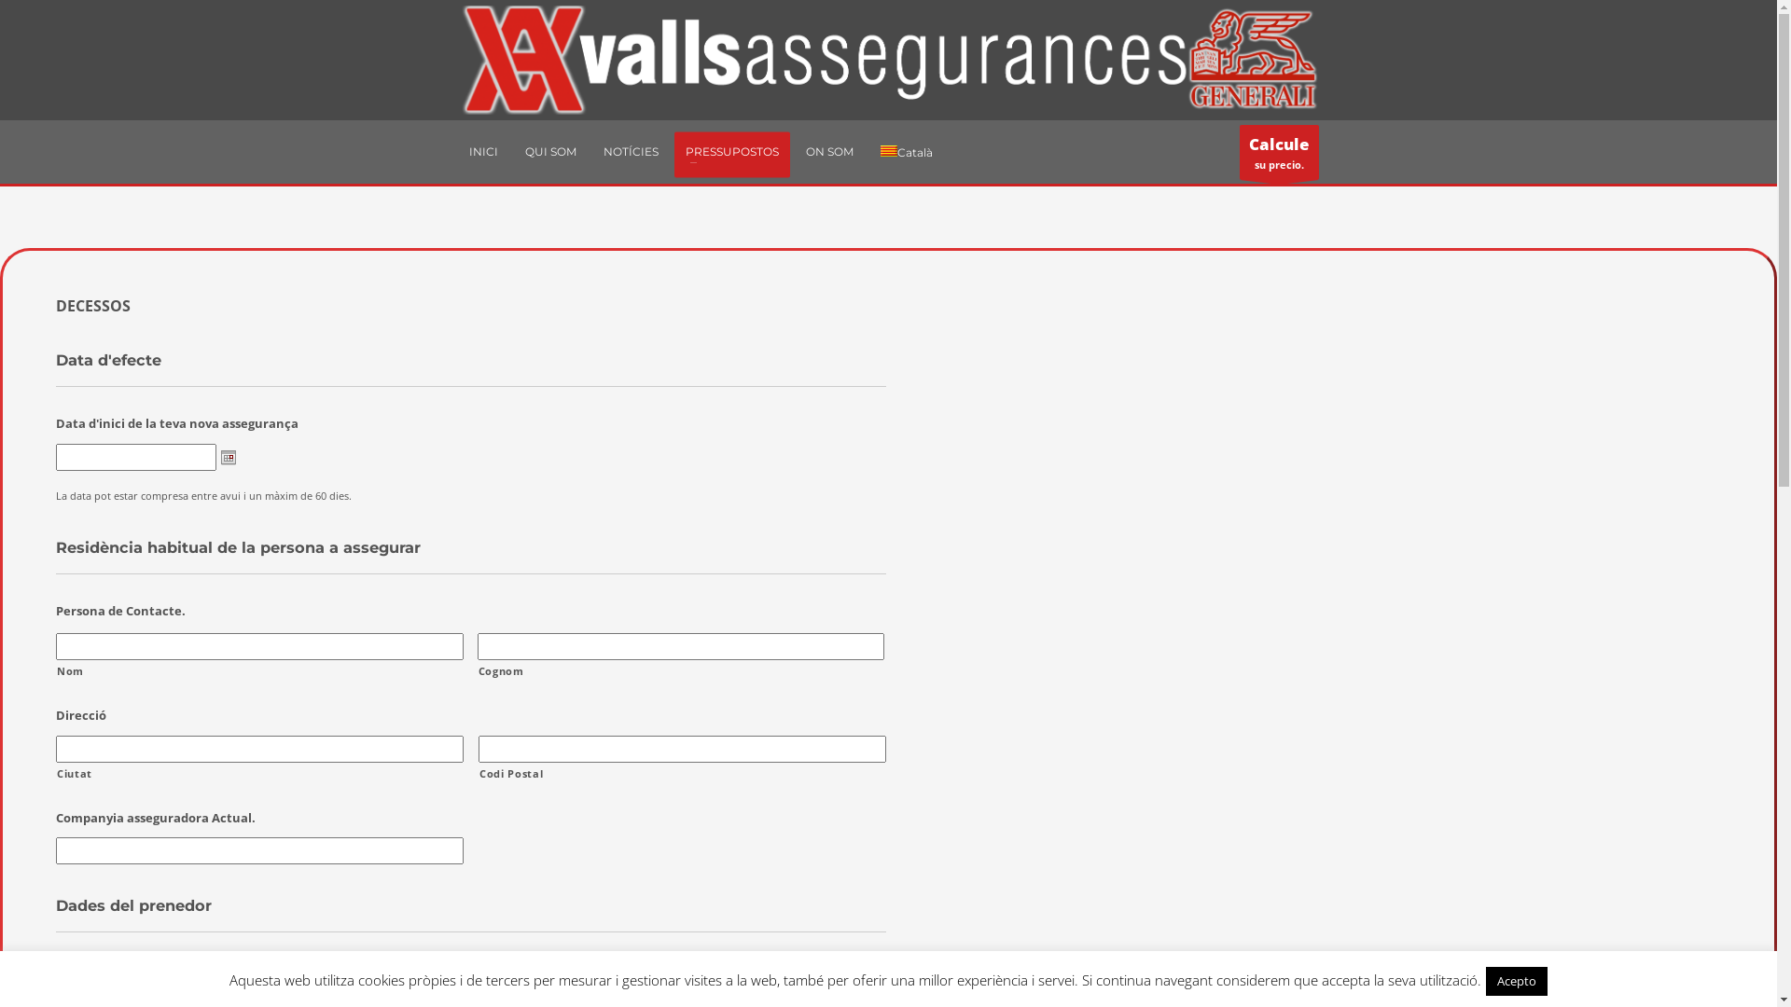 This screenshot has width=1791, height=1007. Describe the element at coordinates (514, 150) in the screenshot. I see `'QUI SOM'` at that location.